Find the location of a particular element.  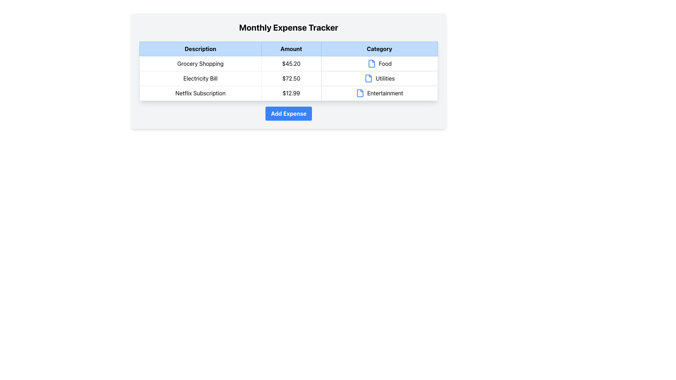

the small blue file icon located in the 'Category' column of the 'Netflix Subscription' row in the table, as it supports interaction is located at coordinates (360, 93).